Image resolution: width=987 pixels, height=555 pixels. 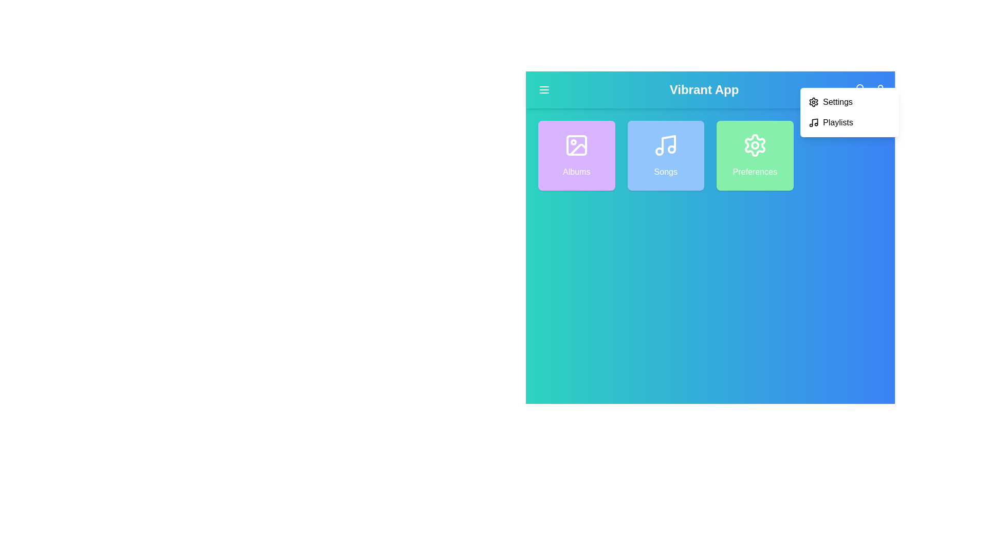 What do you see at coordinates (666, 156) in the screenshot?
I see `the 'Songs' card to navigate or interact` at bounding box center [666, 156].